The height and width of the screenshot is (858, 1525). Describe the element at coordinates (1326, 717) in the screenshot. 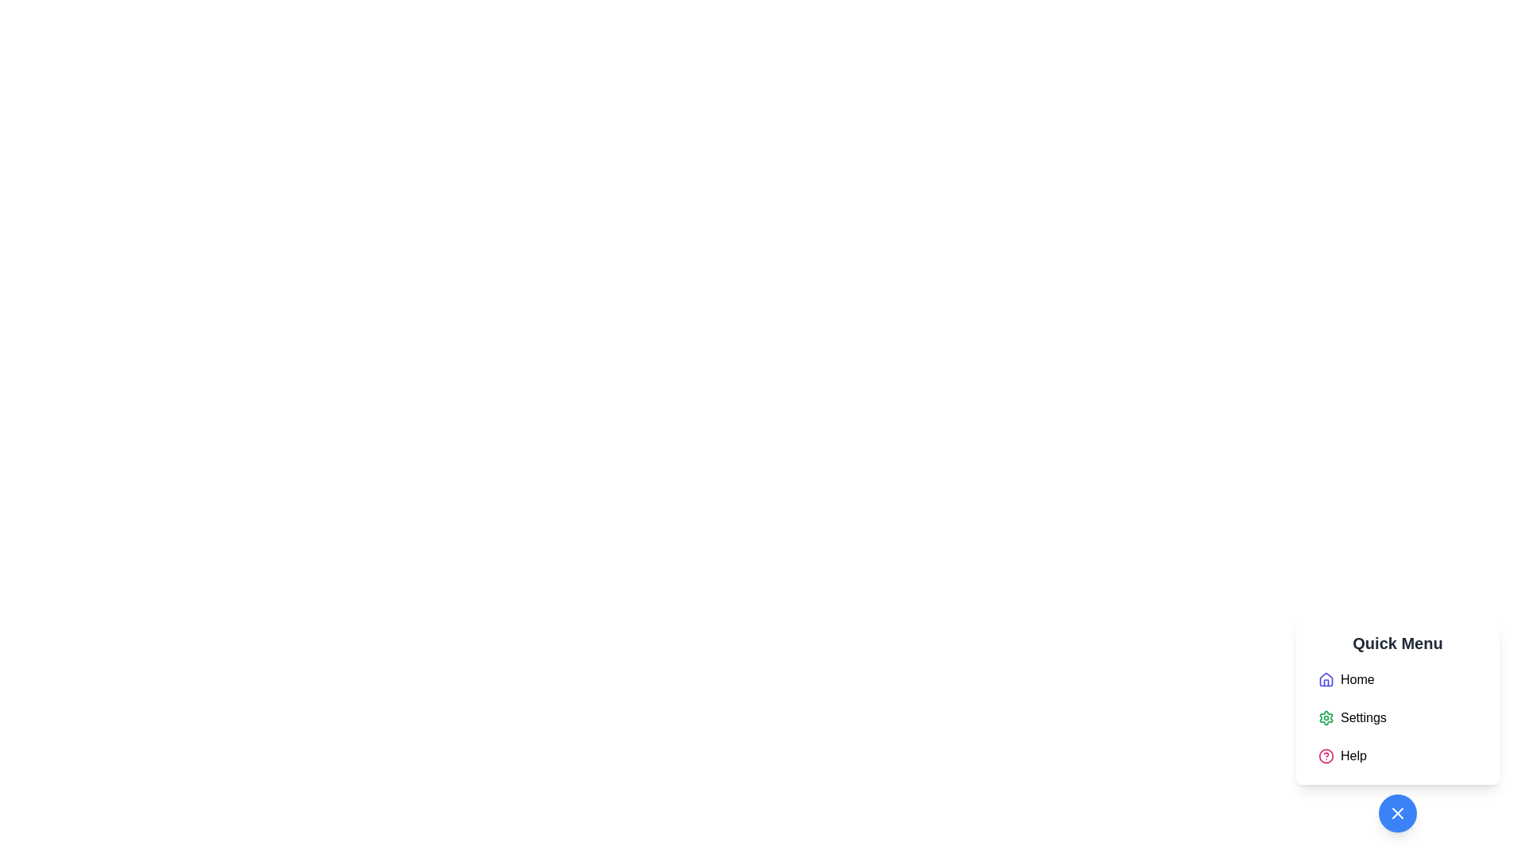

I see `the primary gear shape within the settings icon located in the second item of the quick menu in the bottom-right corner of the application` at that location.